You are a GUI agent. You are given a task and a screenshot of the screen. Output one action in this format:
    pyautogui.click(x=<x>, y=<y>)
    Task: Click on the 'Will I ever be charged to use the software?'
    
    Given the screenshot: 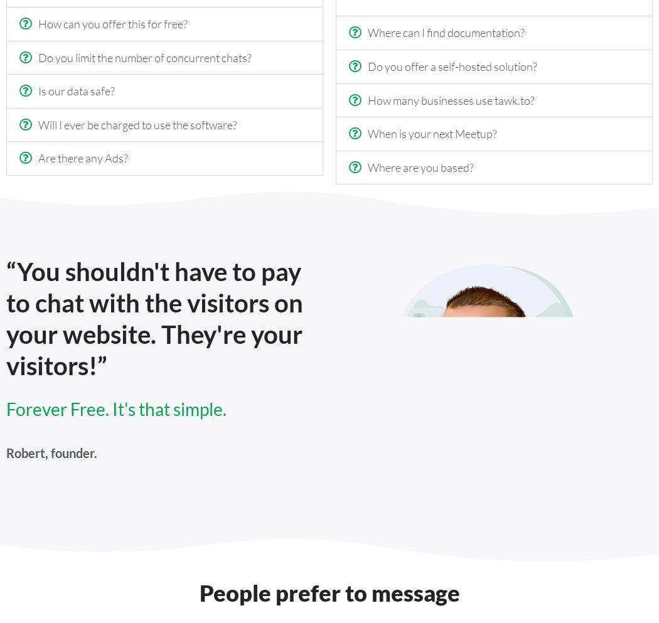 What is the action you would take?
    pyautogui.click(x=137, y=124)
    